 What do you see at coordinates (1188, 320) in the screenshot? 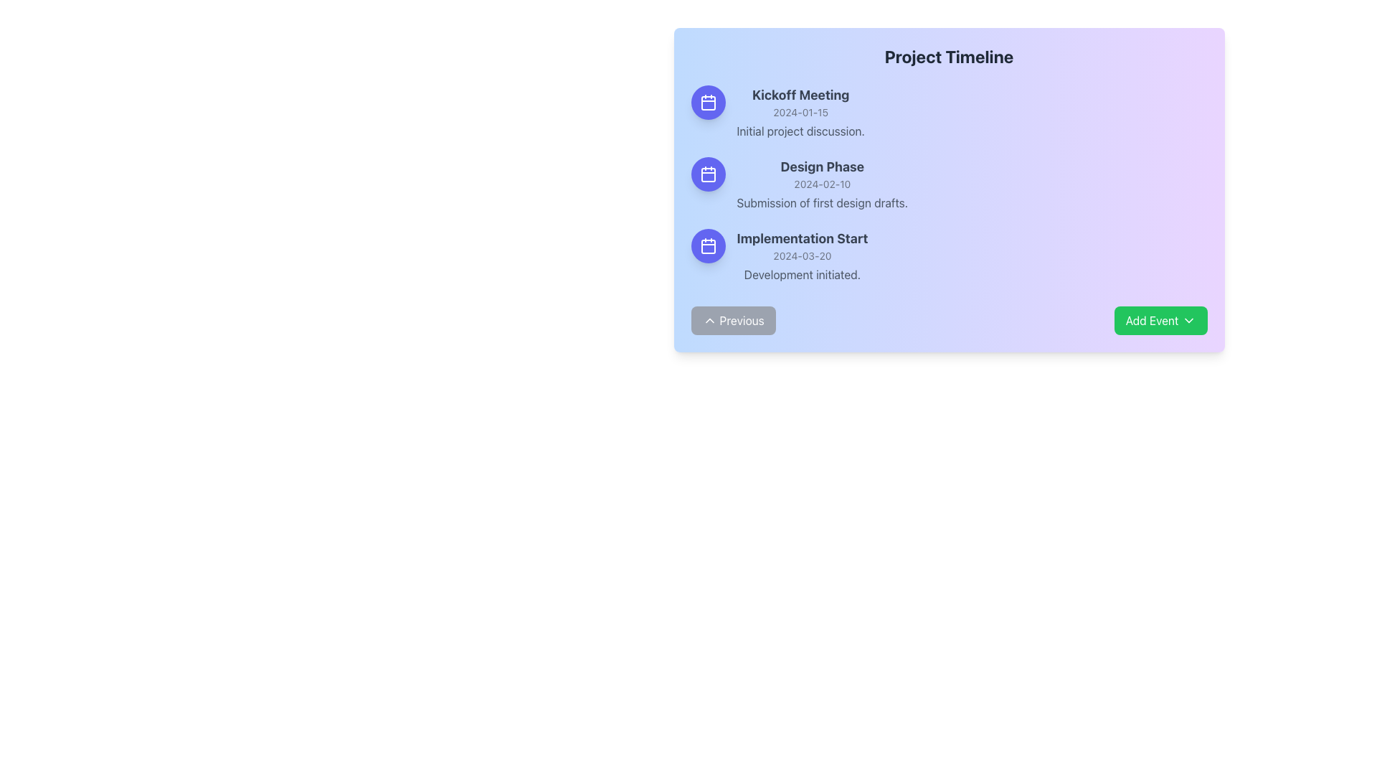
I see `the small downward-facing chevron icon located within the green 'Add Event' button` at bounding box center [1188, 320].